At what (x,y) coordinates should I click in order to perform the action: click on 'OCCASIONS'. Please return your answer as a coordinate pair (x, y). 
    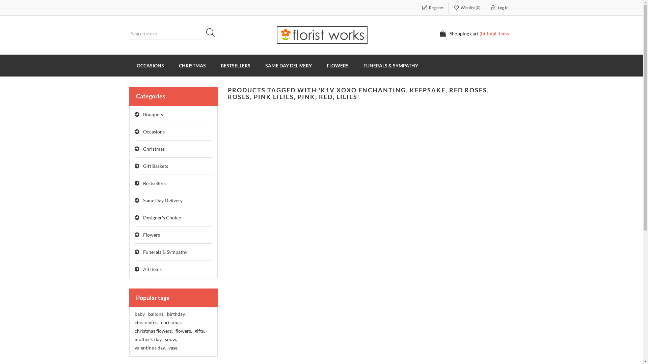
    Looking at the image, I should click on (129, 65).